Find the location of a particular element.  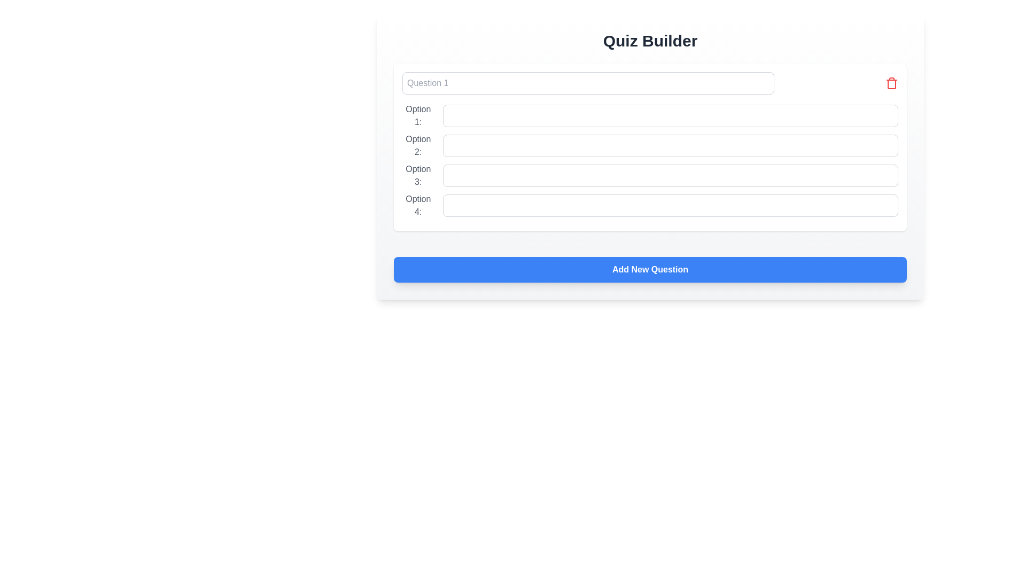

the title text label at the top of the content area that indicates the functionality of the quiz creation page is located at coordinates (650, 41).